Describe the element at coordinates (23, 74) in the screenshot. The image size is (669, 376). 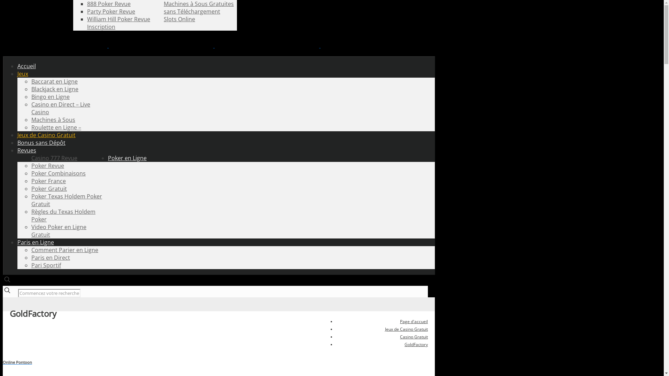
I see `'Jeux'` at that location.